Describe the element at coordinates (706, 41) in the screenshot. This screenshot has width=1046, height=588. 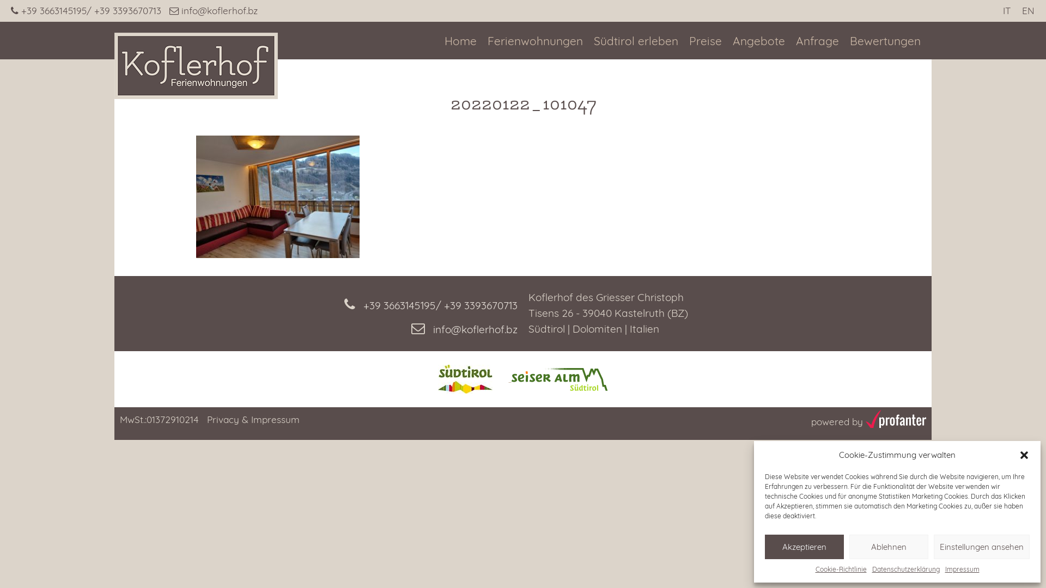
I see `'Preise'` at that location.